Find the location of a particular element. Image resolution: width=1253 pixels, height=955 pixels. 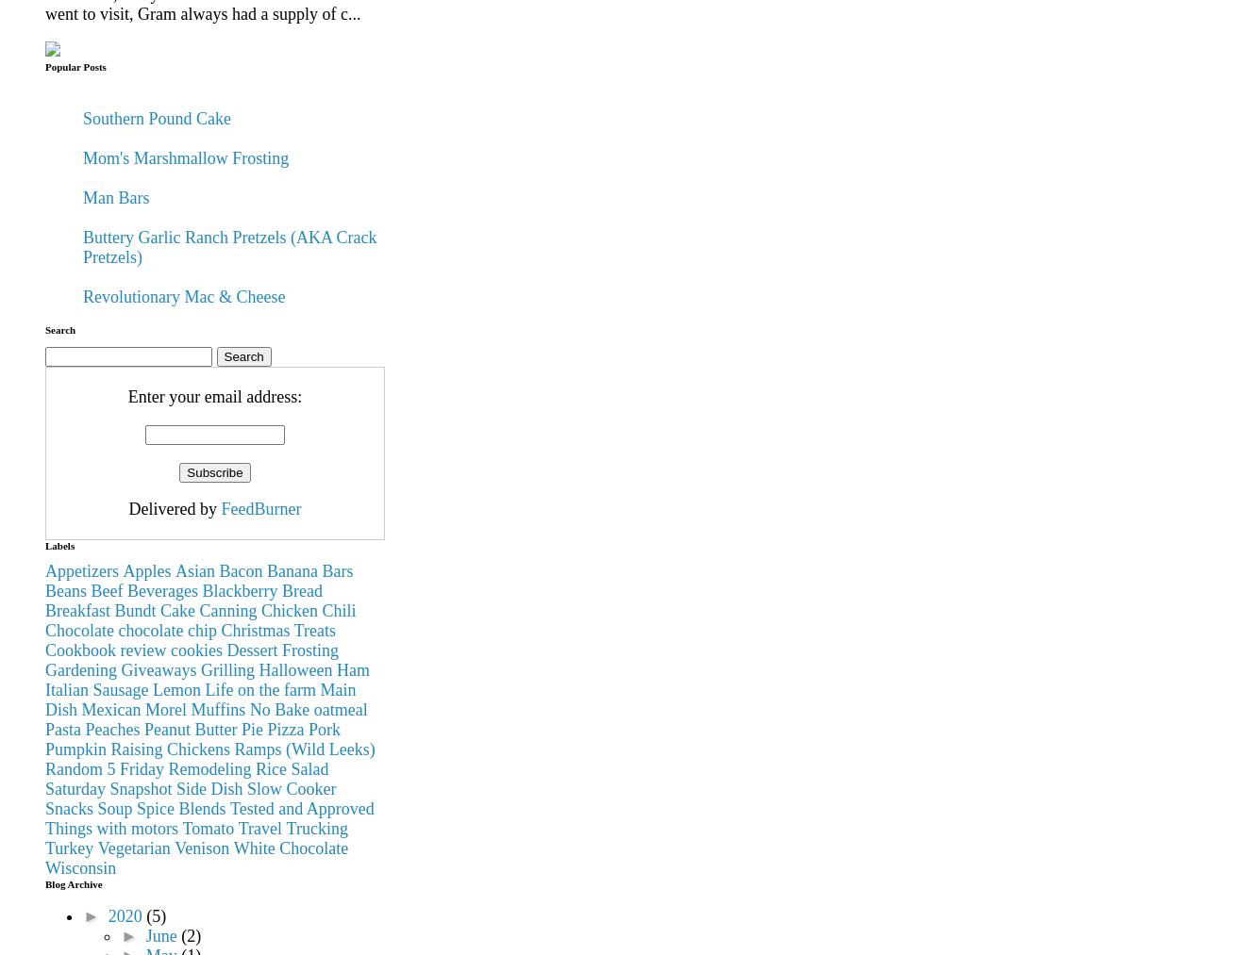

'Lemon' is located at coordinates (175, 689).